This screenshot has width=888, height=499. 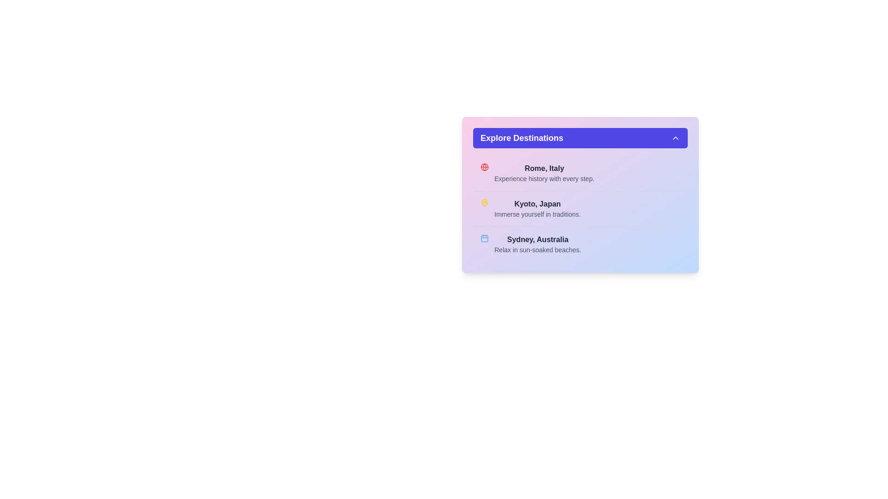 What do you see at coordinates (484, 202) in the screenshot?
I see `the icon that marks the location-related item in the 'Explore Destinations' panel, aligned with the text 'Kyoto, Japan'` at bounding box center [484, 202].